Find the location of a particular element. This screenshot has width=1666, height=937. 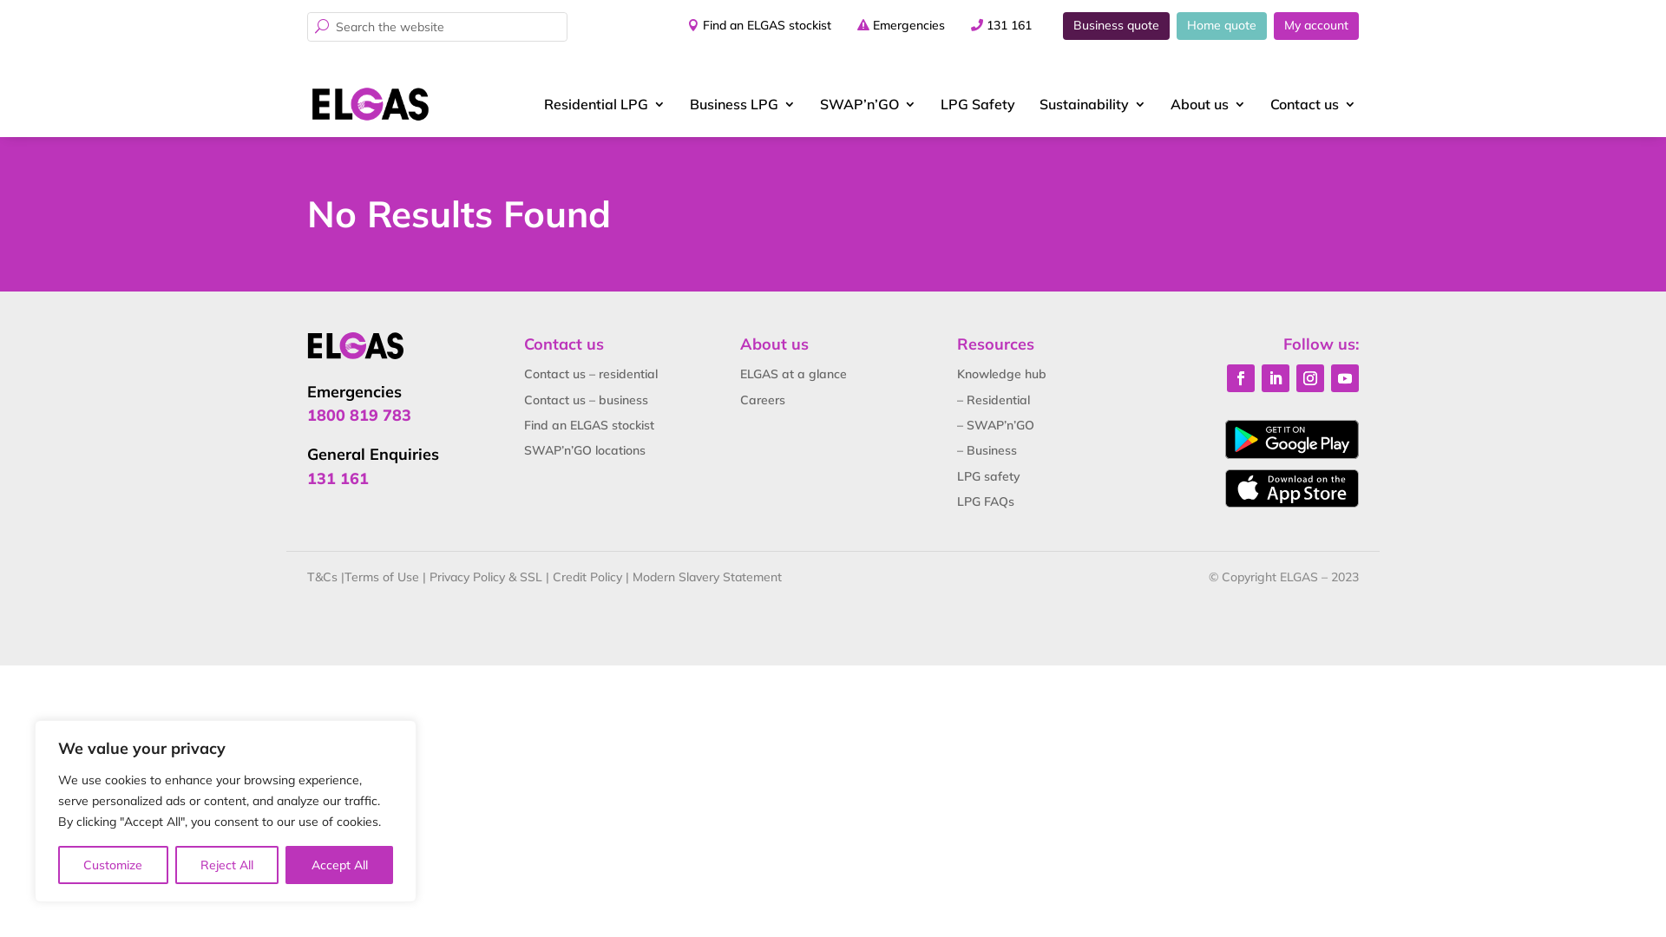

'Business quote' is located at coordinates (1116, 26).